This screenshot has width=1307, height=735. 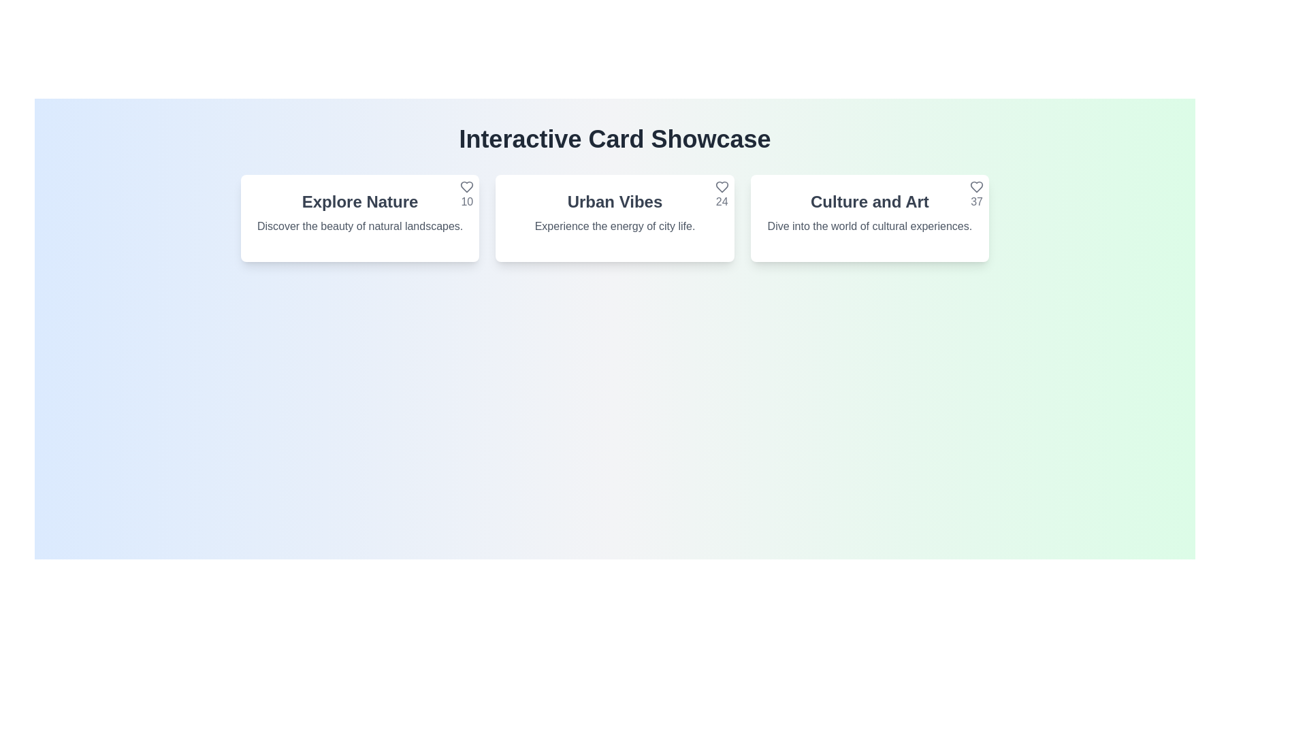 I want to click on text element that contains 'Dive into the world of cultural experiences.' positioned beneath the heading 'Culture and Art' in the third card from the left, so click(x=869, y=225).